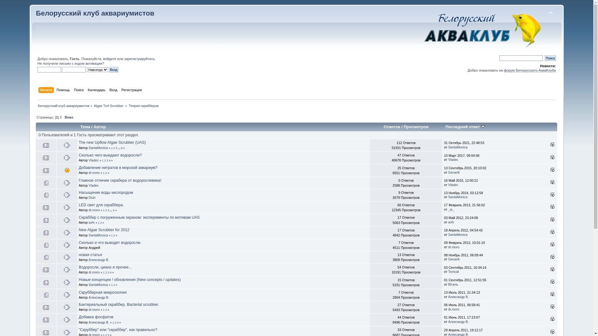 The image size is (598, 336). What do you see at coordinates (114, 285) in the screenshot?
I see `'2'` at bounding box center [114, 285].